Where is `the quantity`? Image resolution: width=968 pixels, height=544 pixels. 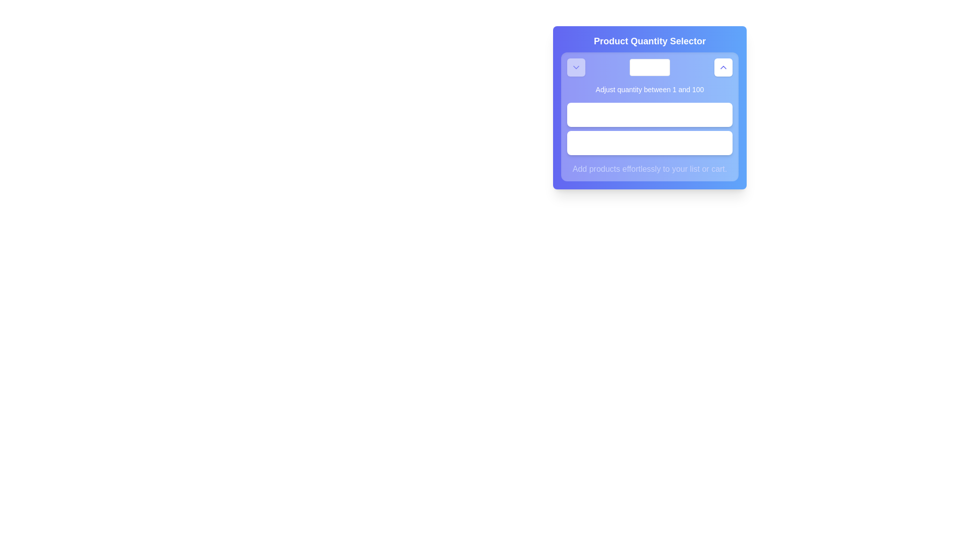 the quantity is located at coordinates (649, 114).